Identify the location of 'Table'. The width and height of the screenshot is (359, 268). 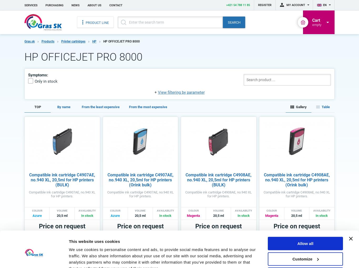
(326, 107).